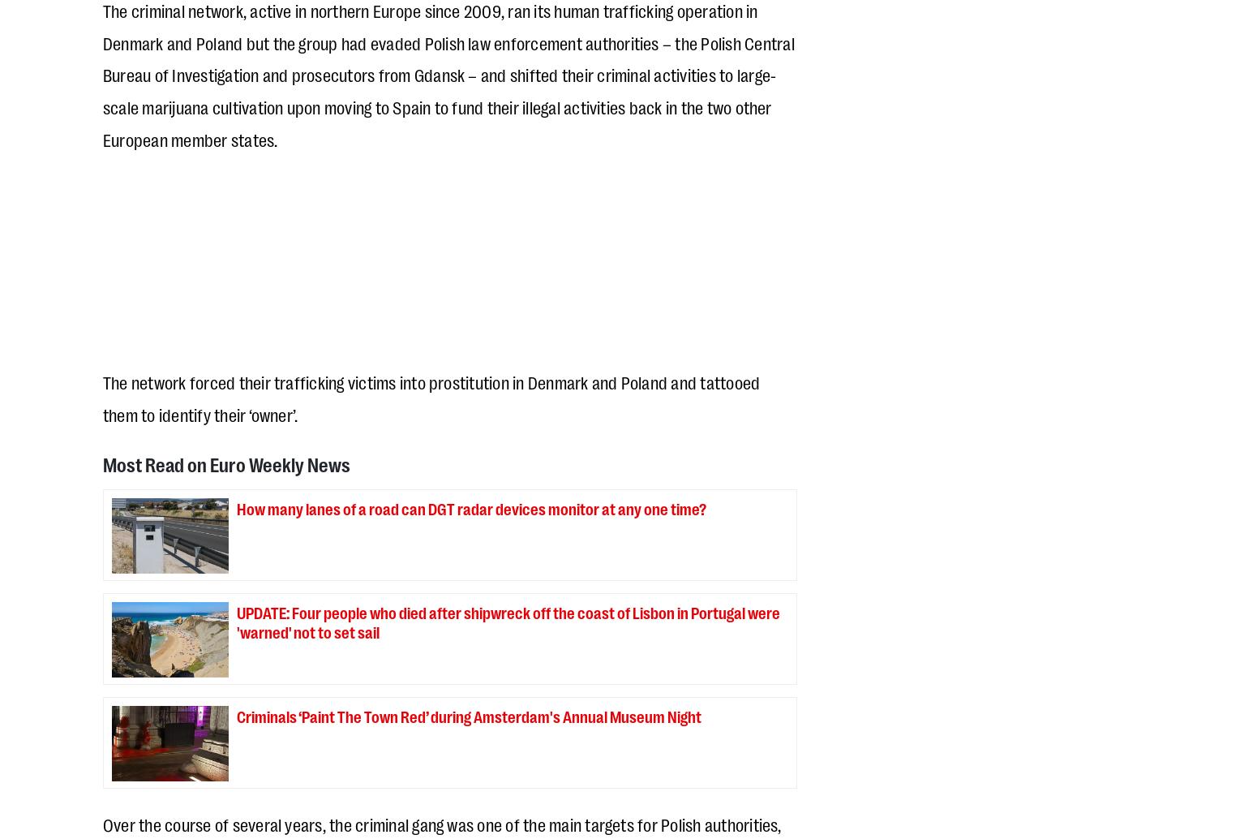 This screenshot has height=839, width=1257. I want to click on 'WP Advisor', so click(355, 791).